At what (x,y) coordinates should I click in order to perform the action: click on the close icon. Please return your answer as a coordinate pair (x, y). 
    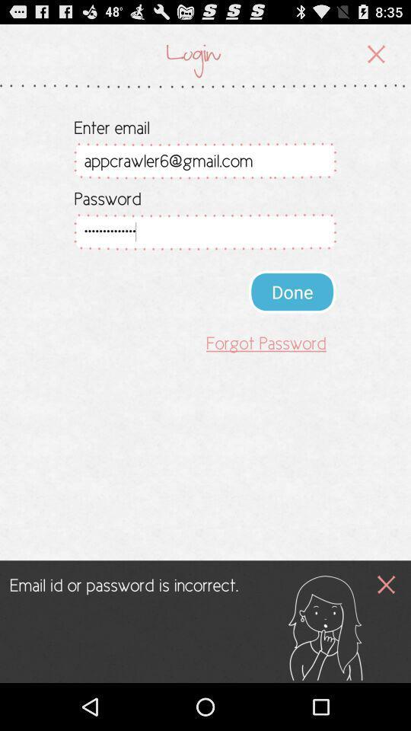
    Looking at the image, I should click on (387, 625).